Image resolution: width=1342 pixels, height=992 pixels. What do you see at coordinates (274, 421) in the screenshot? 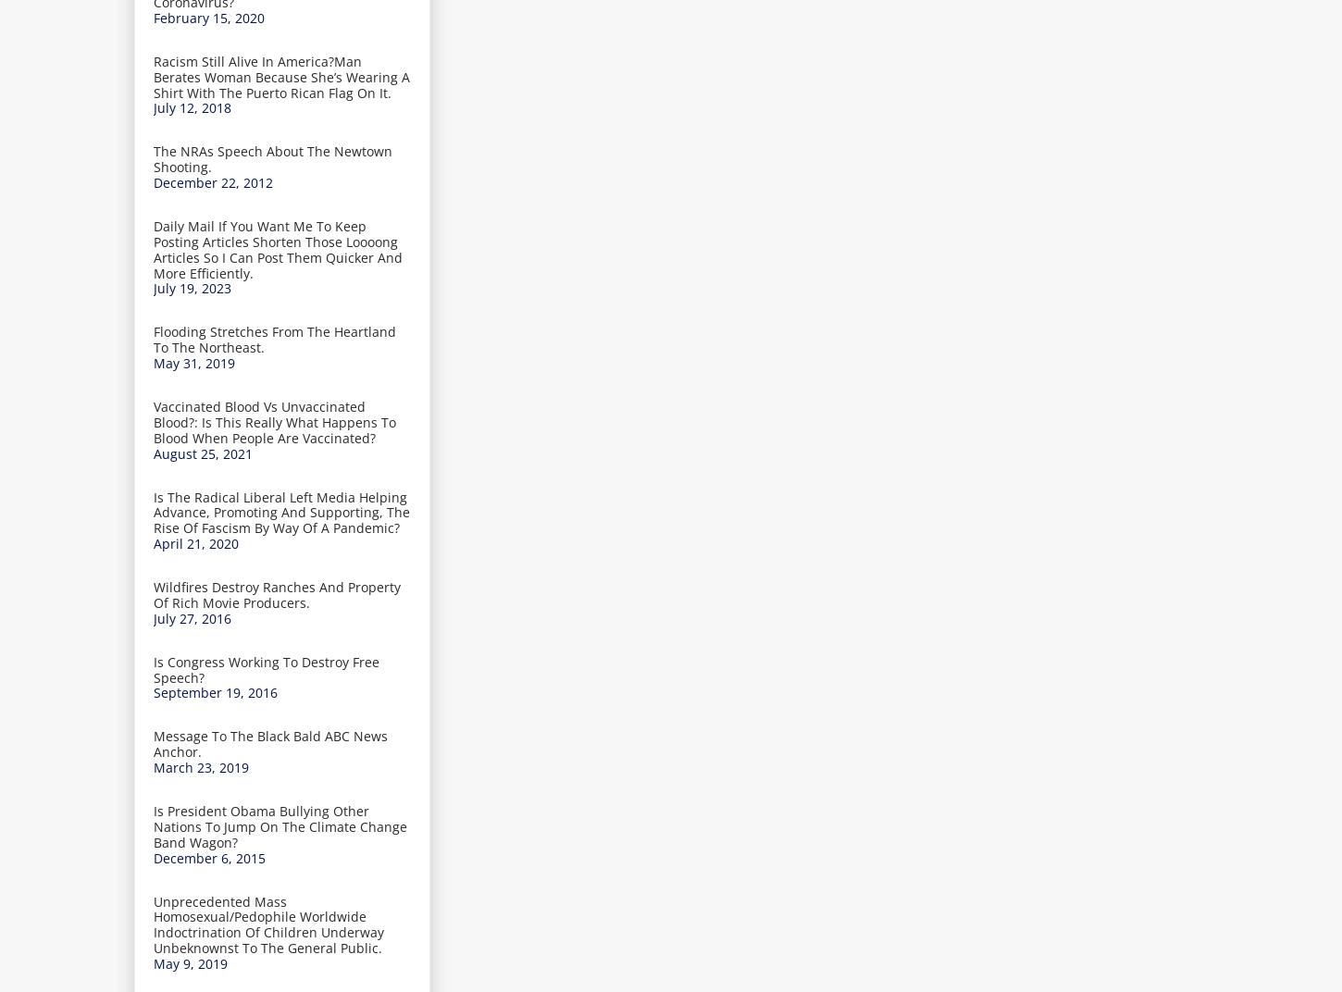
I see `'Vaccinated Blood Vs Unvaccinated Blood?: Is This Really What Happens To Blood When People Are Vaccinated?'` at bounding box center [274, 421].